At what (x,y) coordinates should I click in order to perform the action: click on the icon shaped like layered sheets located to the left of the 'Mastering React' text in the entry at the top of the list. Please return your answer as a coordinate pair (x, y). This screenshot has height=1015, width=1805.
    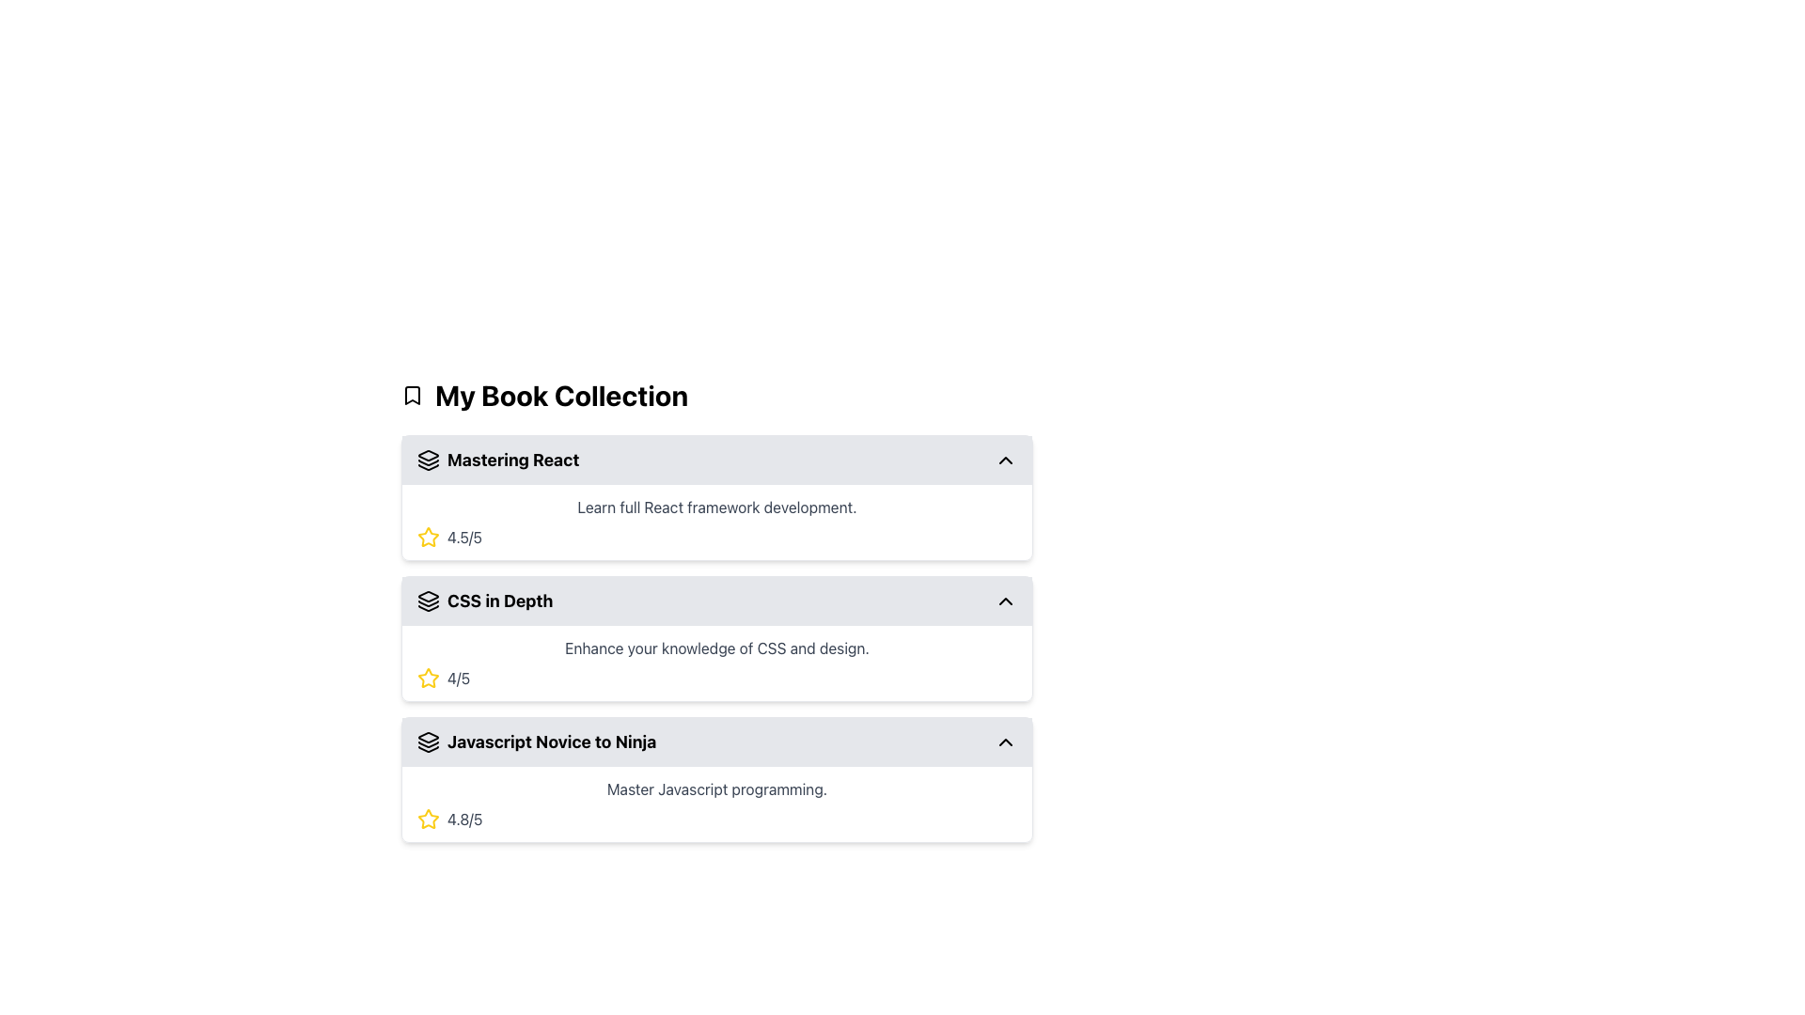
    Looking at the image, I should click on (428, 460).